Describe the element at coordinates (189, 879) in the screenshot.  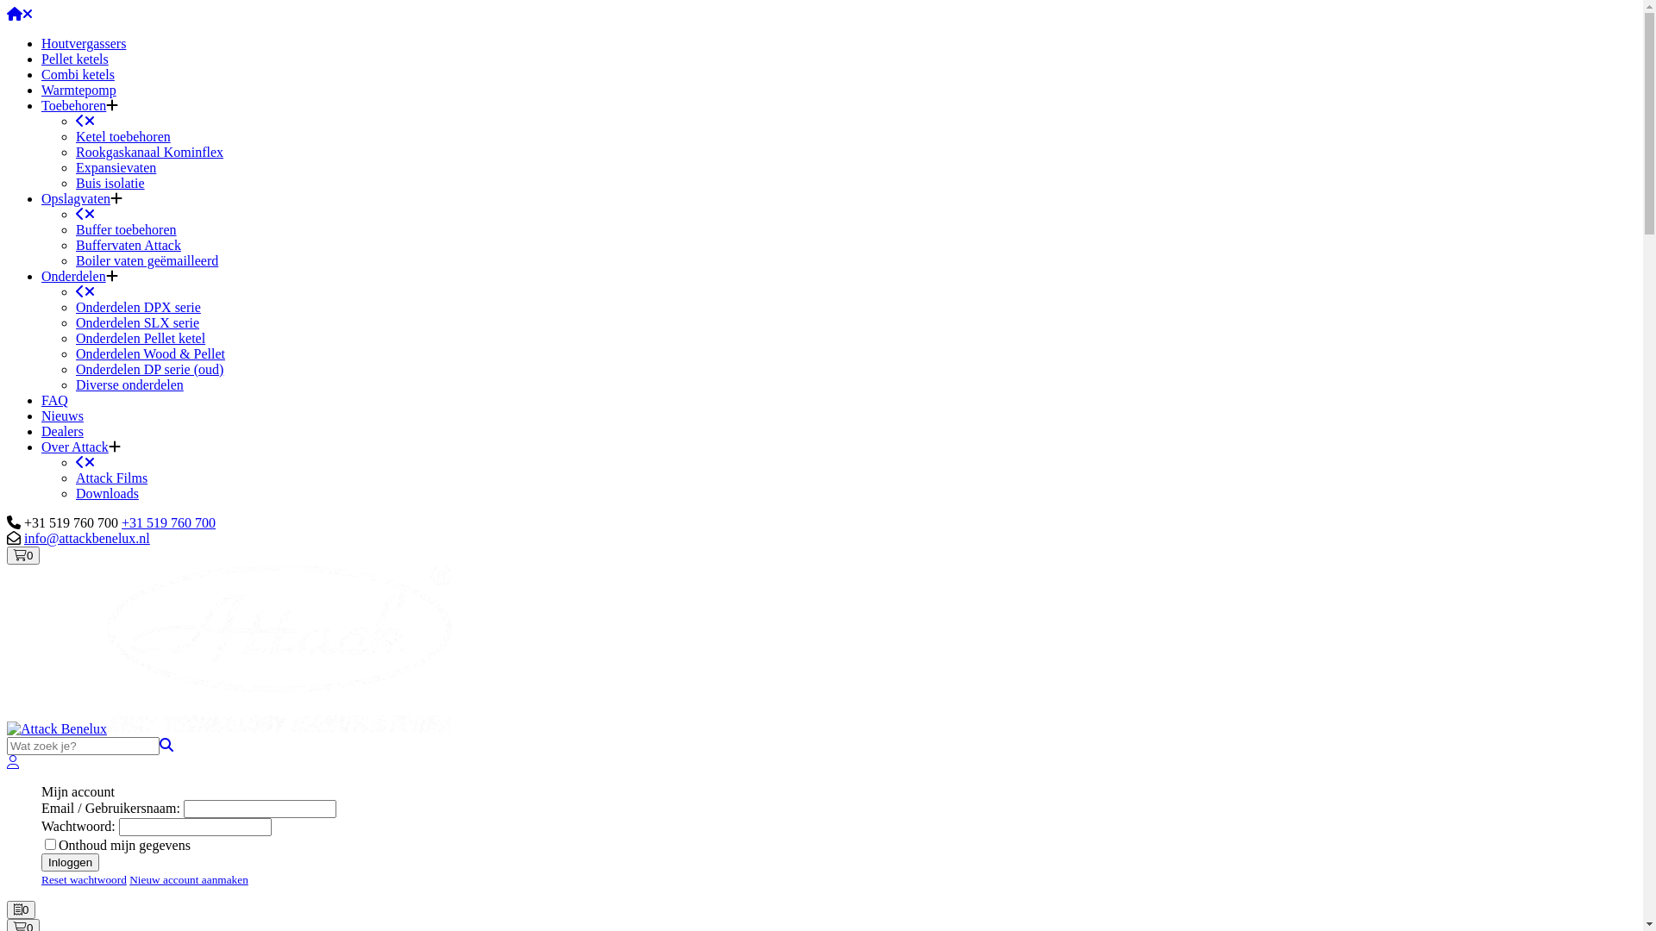
I see `'Nieuw account aanmaken'` at that location.